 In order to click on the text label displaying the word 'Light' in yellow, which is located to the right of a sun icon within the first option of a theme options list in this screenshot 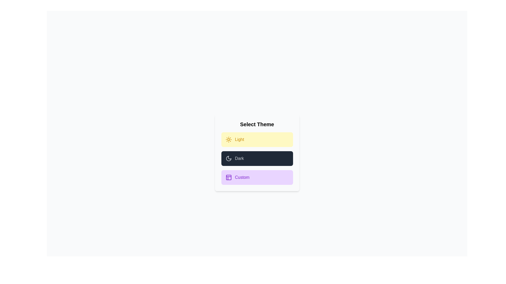, I will do `click(239, 139)`.